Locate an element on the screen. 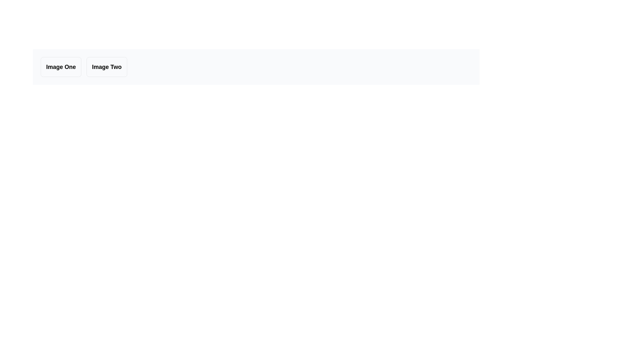  the button labeled 'Image Two' is located at coordinates (107, 67).